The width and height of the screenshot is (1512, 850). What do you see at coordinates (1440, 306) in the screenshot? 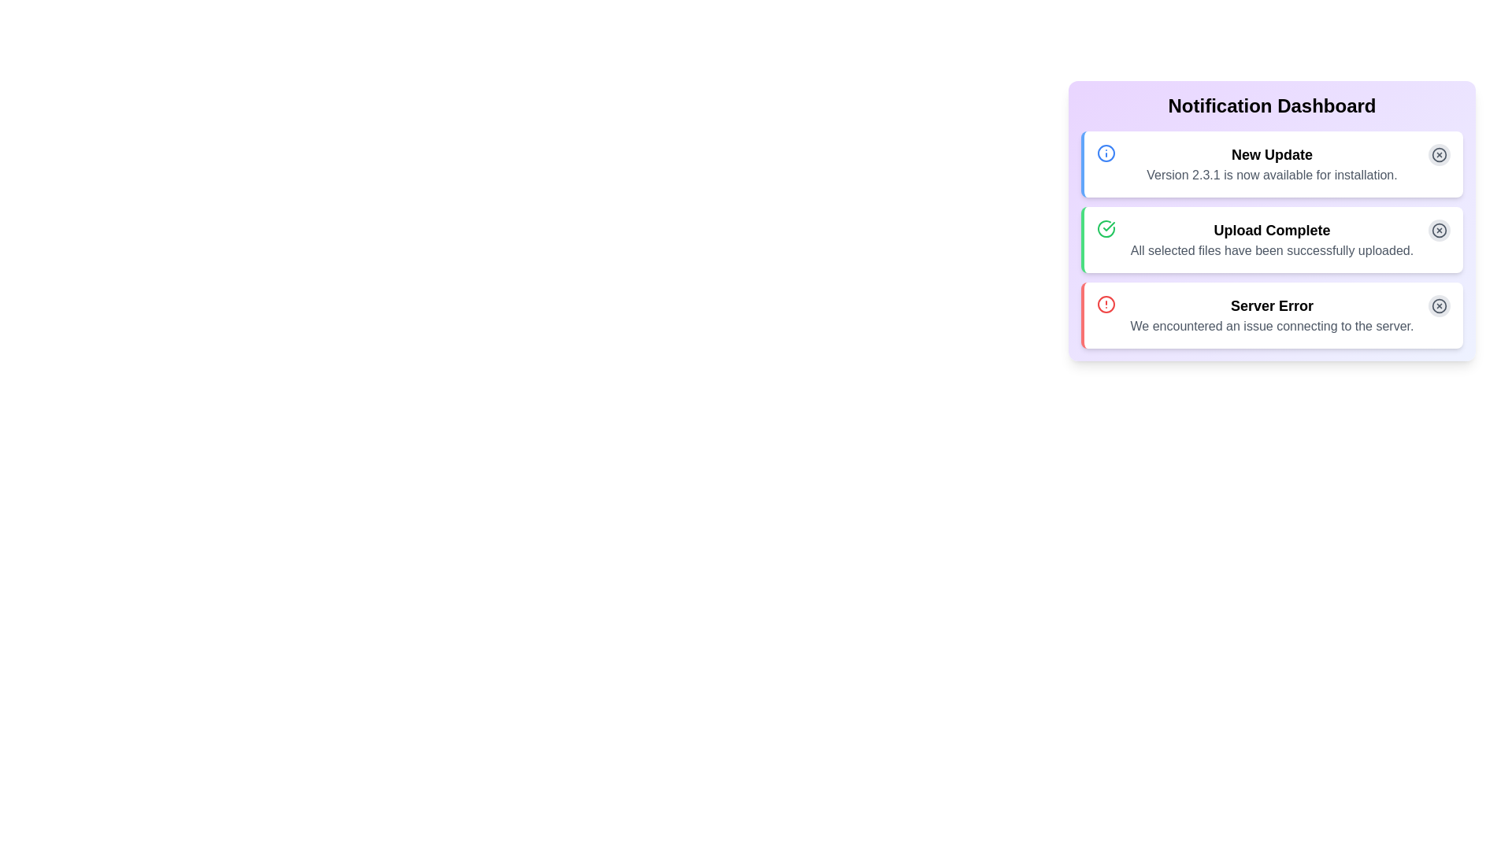
I see `the dismiss button located at the bottom-right of the notification row containing the 'Server Error' message to trigger hover styles` at bounding box center [1440, 306].